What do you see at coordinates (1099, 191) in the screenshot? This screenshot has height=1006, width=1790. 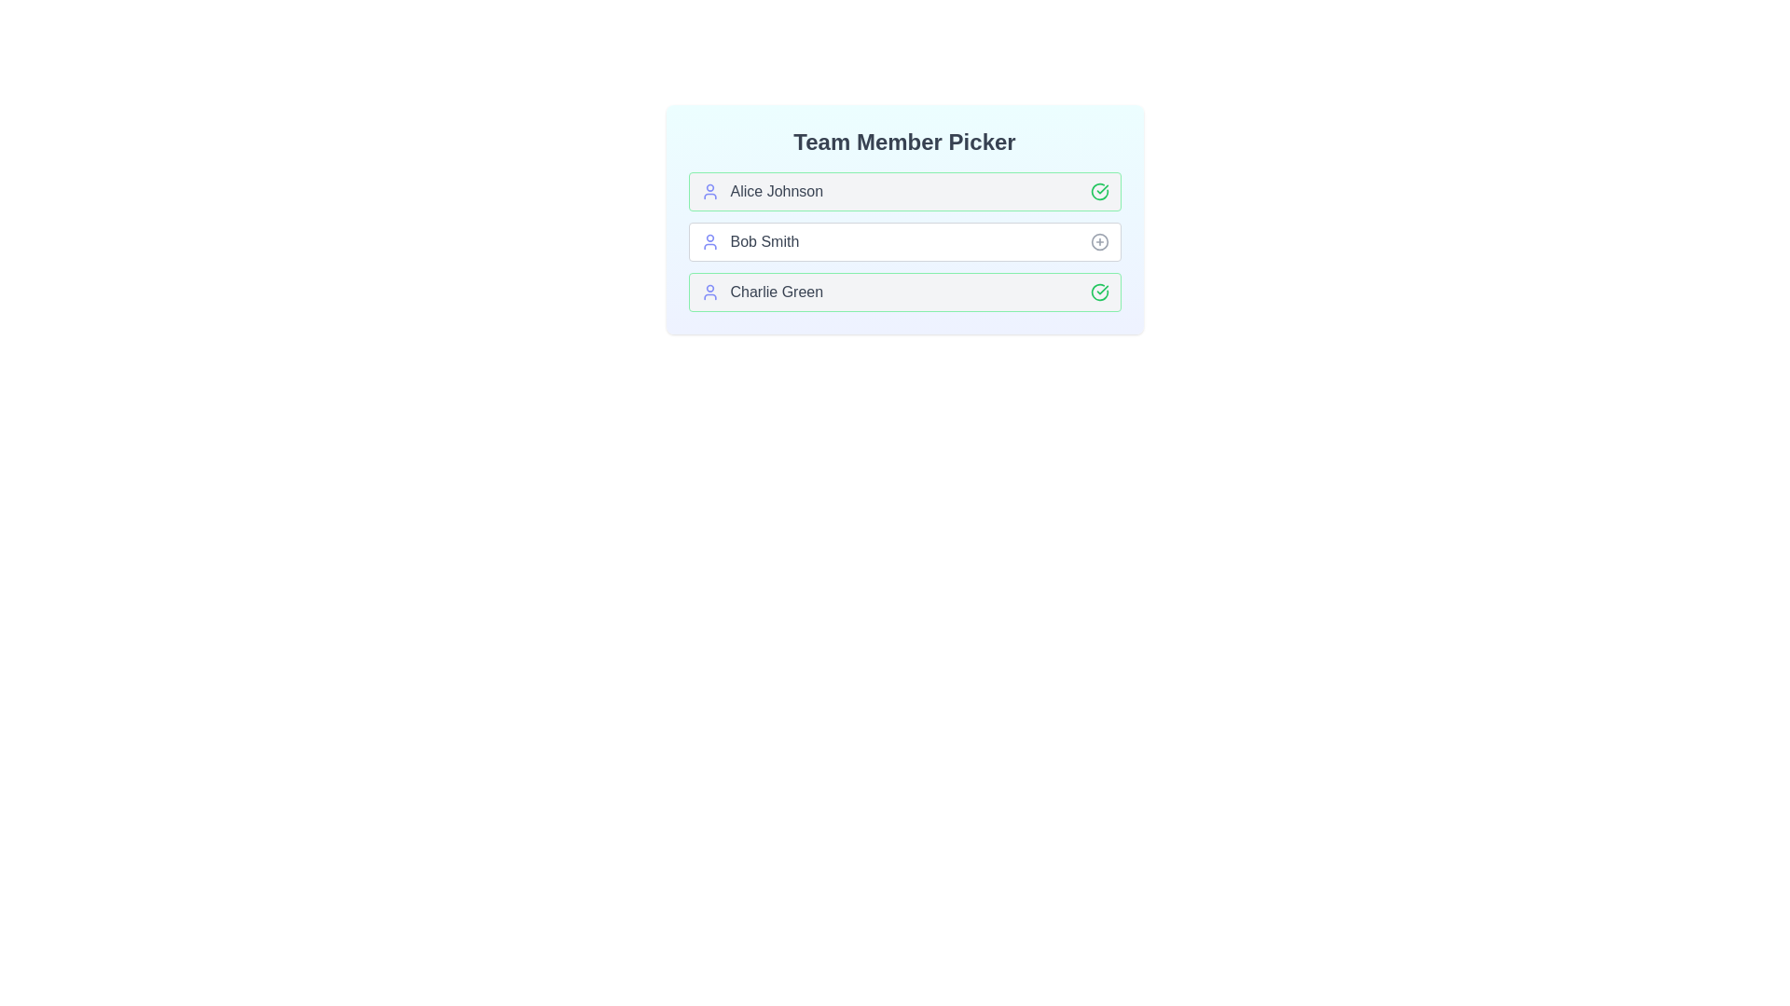 I see `the team member identified by Alice Johnson` at bounding box center [1099, 191].